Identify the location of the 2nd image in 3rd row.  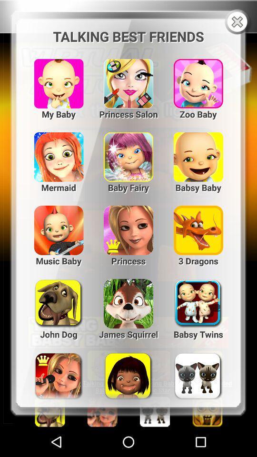
(128, 226).